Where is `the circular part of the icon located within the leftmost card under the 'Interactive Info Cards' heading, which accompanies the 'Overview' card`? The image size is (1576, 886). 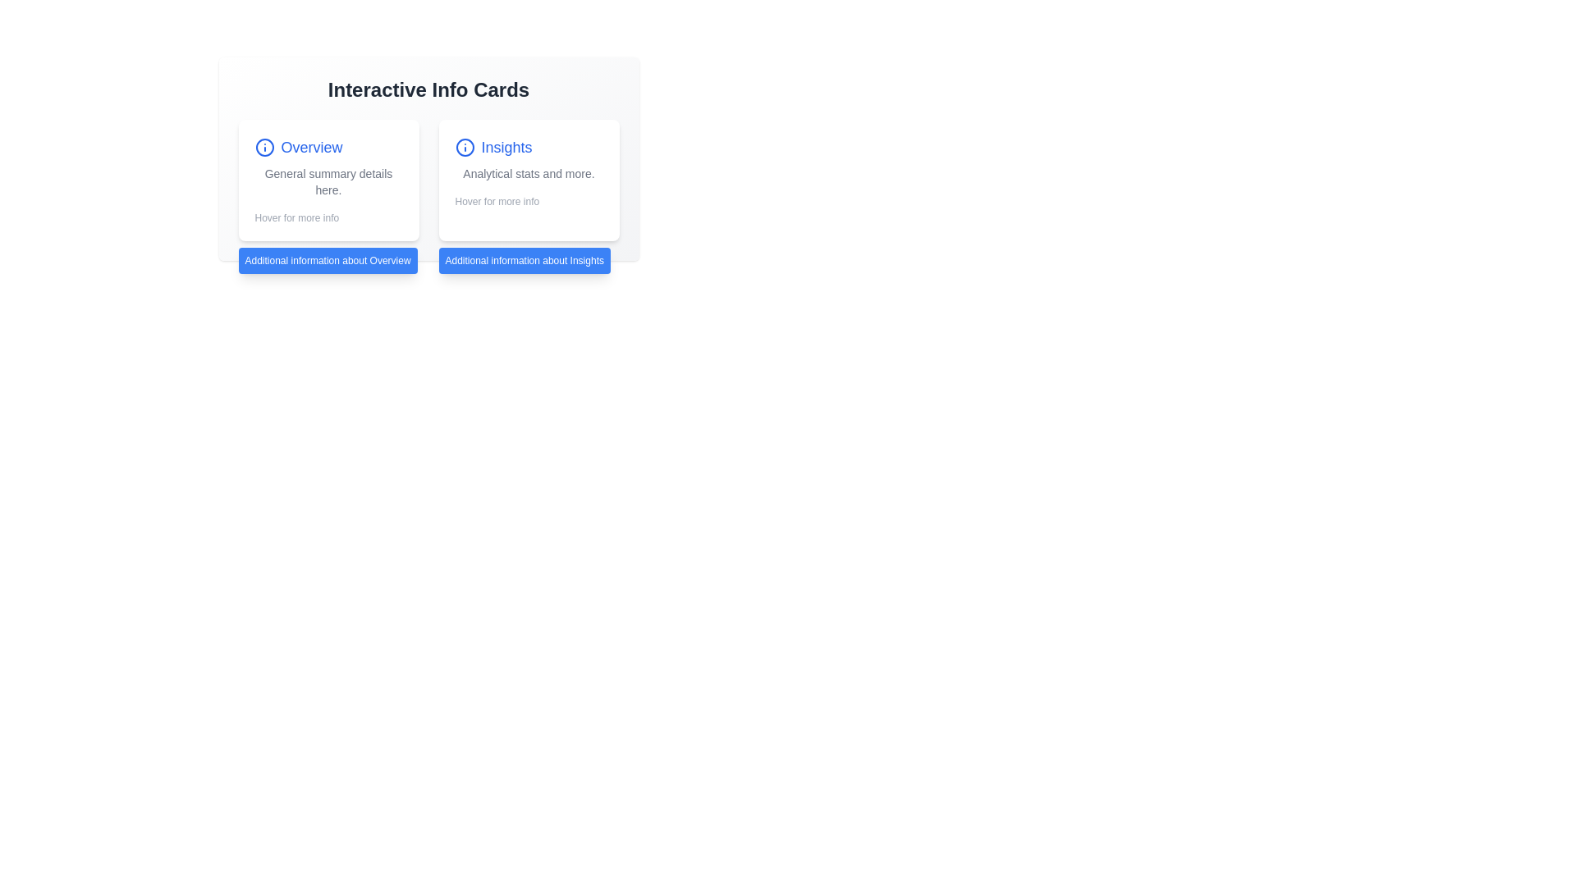 the circular part of the icon located within the leftmost card under the 'Interactive Info Cards' heading, which accompanies the 'Overview' card is located at coordinates (264, 148).